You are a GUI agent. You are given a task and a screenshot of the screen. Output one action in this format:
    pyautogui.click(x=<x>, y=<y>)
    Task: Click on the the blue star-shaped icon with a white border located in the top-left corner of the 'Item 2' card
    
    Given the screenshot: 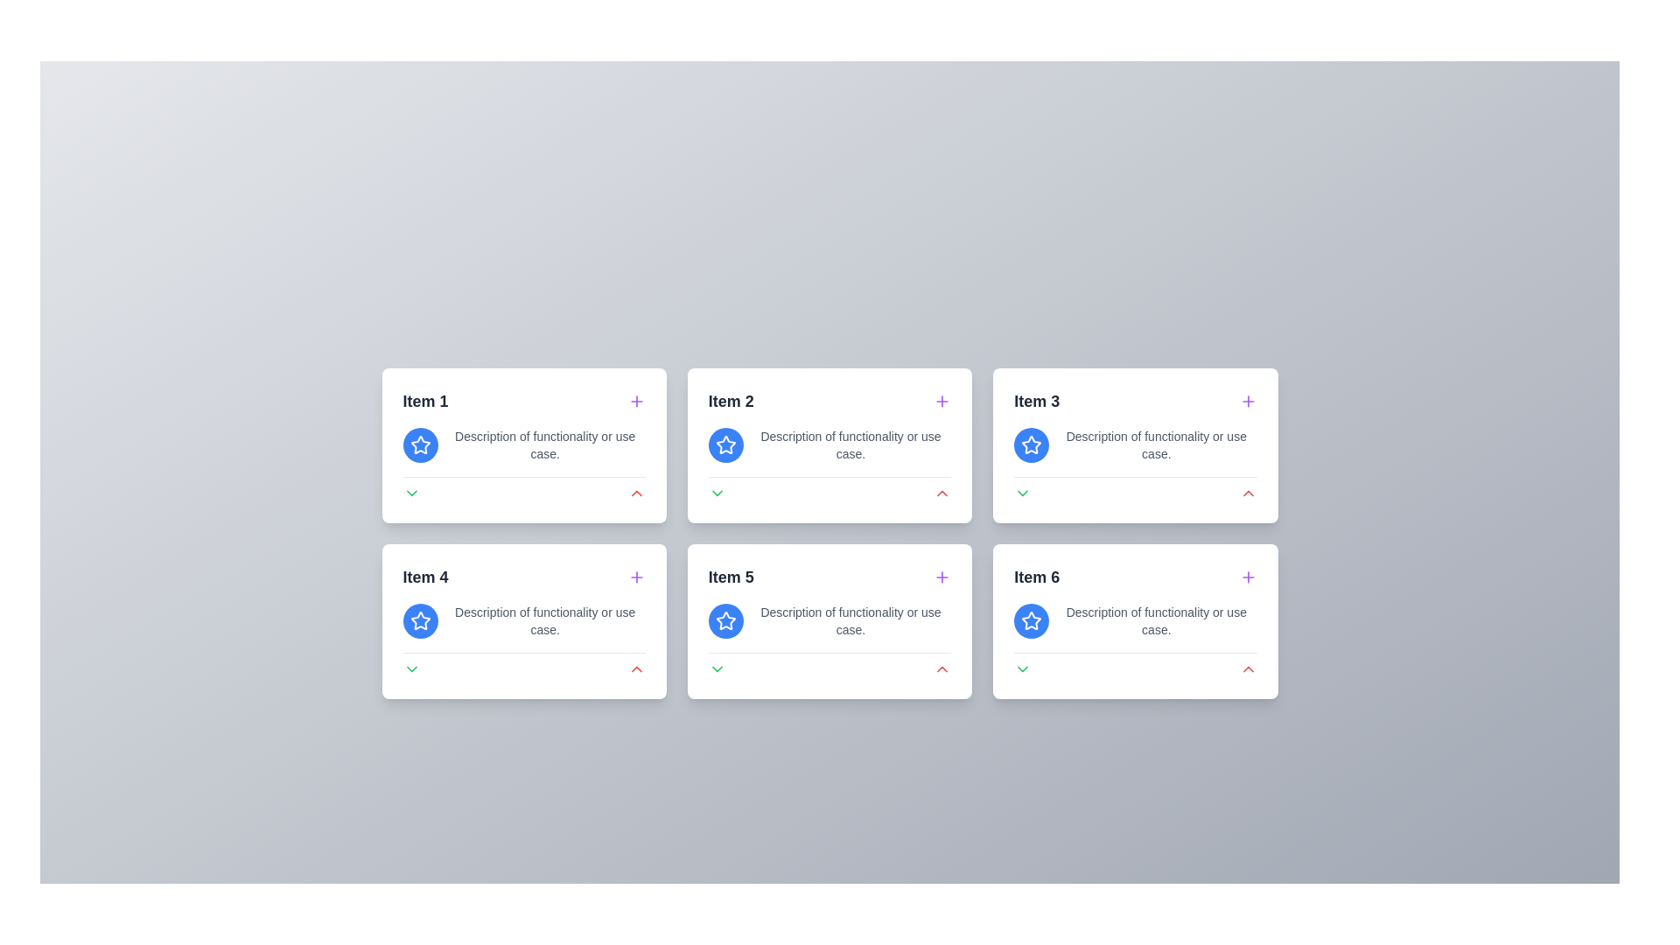 What is the action you would take?
    pyautogui.click(x=725, y=444)
    